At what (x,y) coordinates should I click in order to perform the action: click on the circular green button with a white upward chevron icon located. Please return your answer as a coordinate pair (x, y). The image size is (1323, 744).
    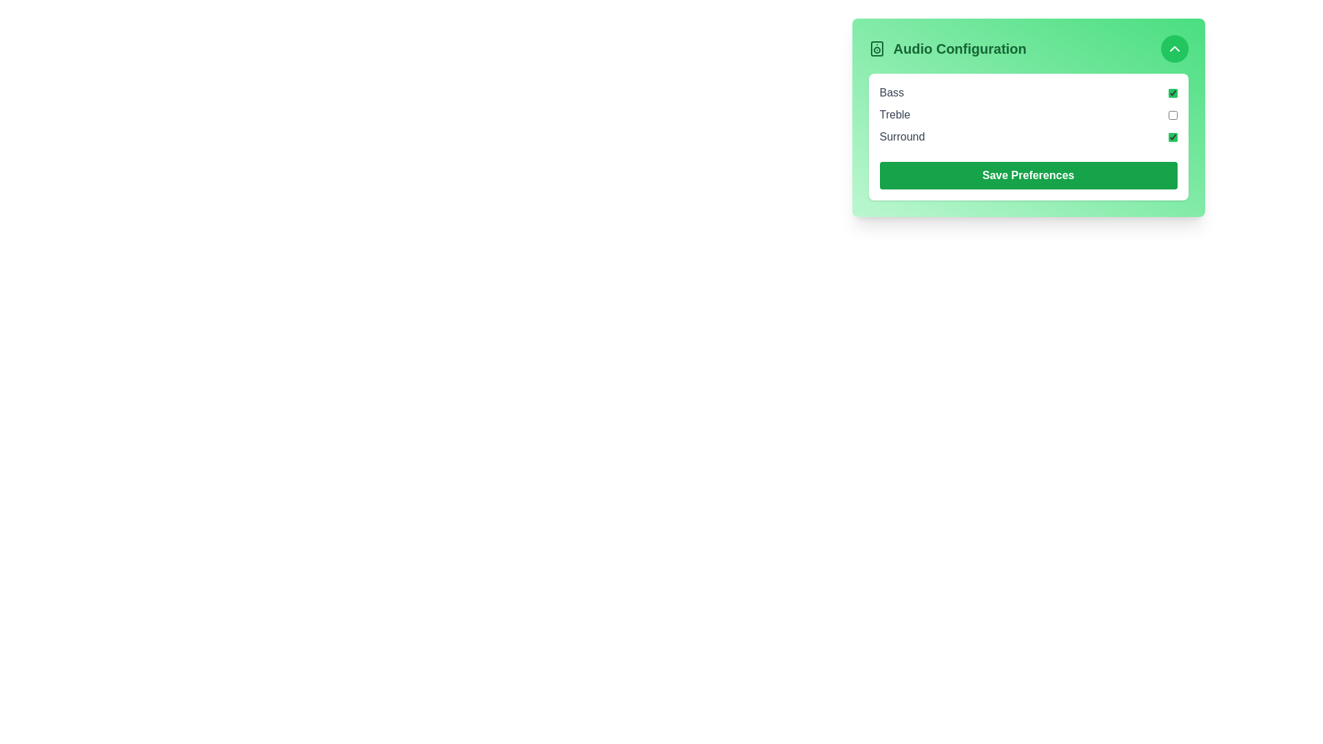
    Looking at the image, I should click on (1173, 48).